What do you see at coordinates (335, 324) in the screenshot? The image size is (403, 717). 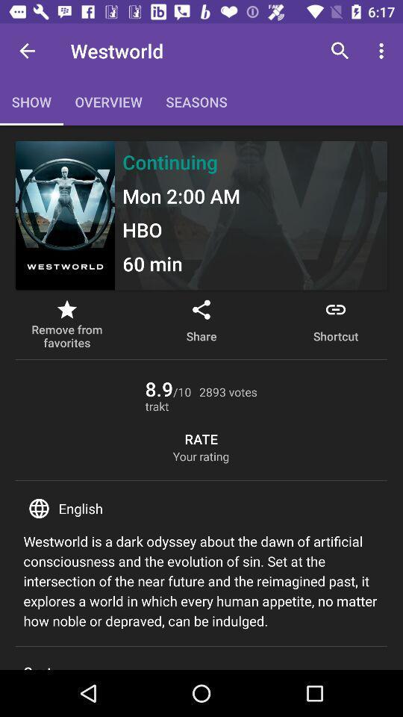 I see `shortcut item` at bounding box center [335, 324].